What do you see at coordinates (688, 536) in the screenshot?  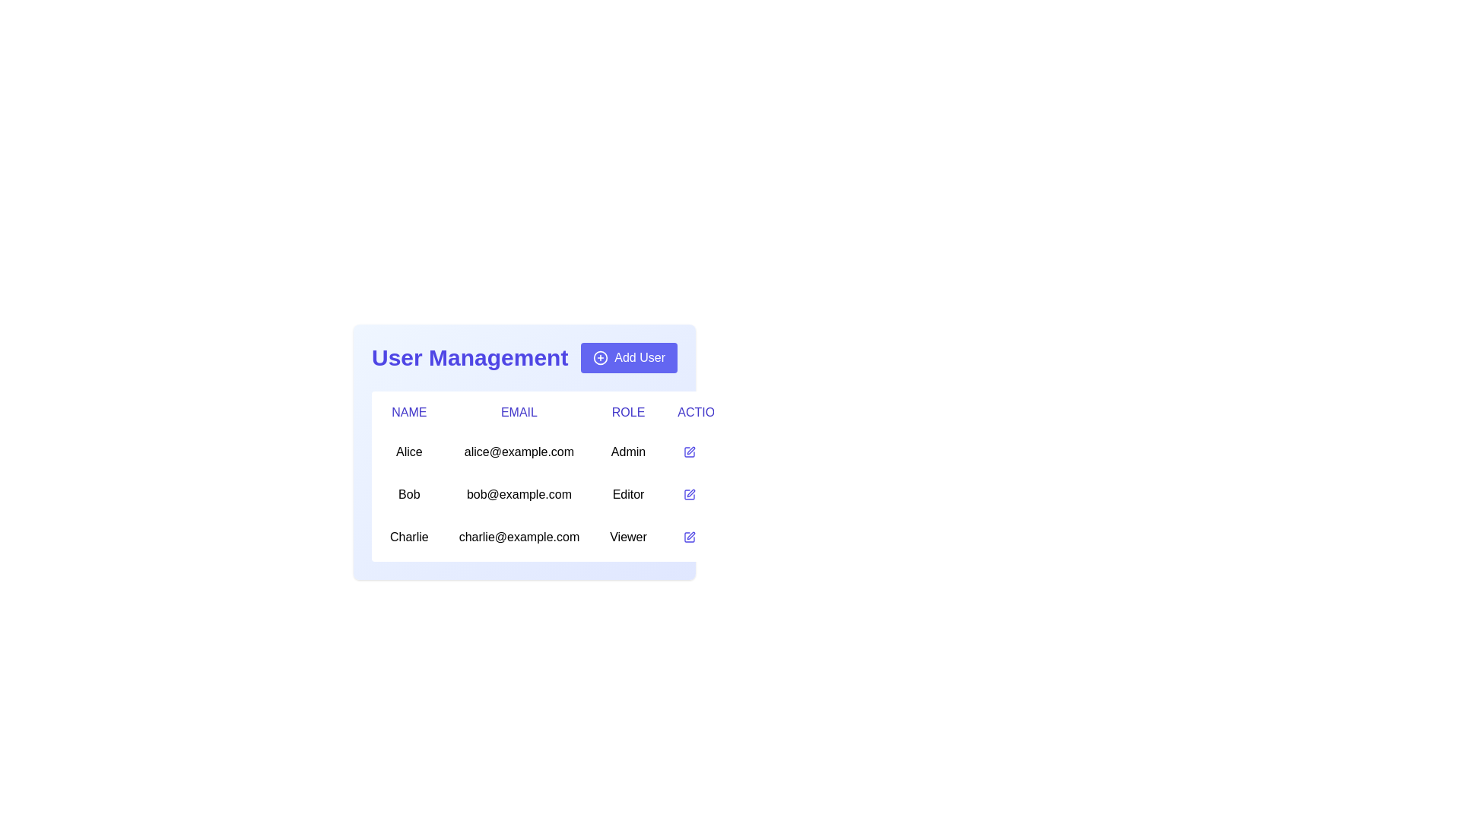 I see `the edit button for modifying associated data or properties related to the 'Viewer' role` at bounding box center [688, 536].